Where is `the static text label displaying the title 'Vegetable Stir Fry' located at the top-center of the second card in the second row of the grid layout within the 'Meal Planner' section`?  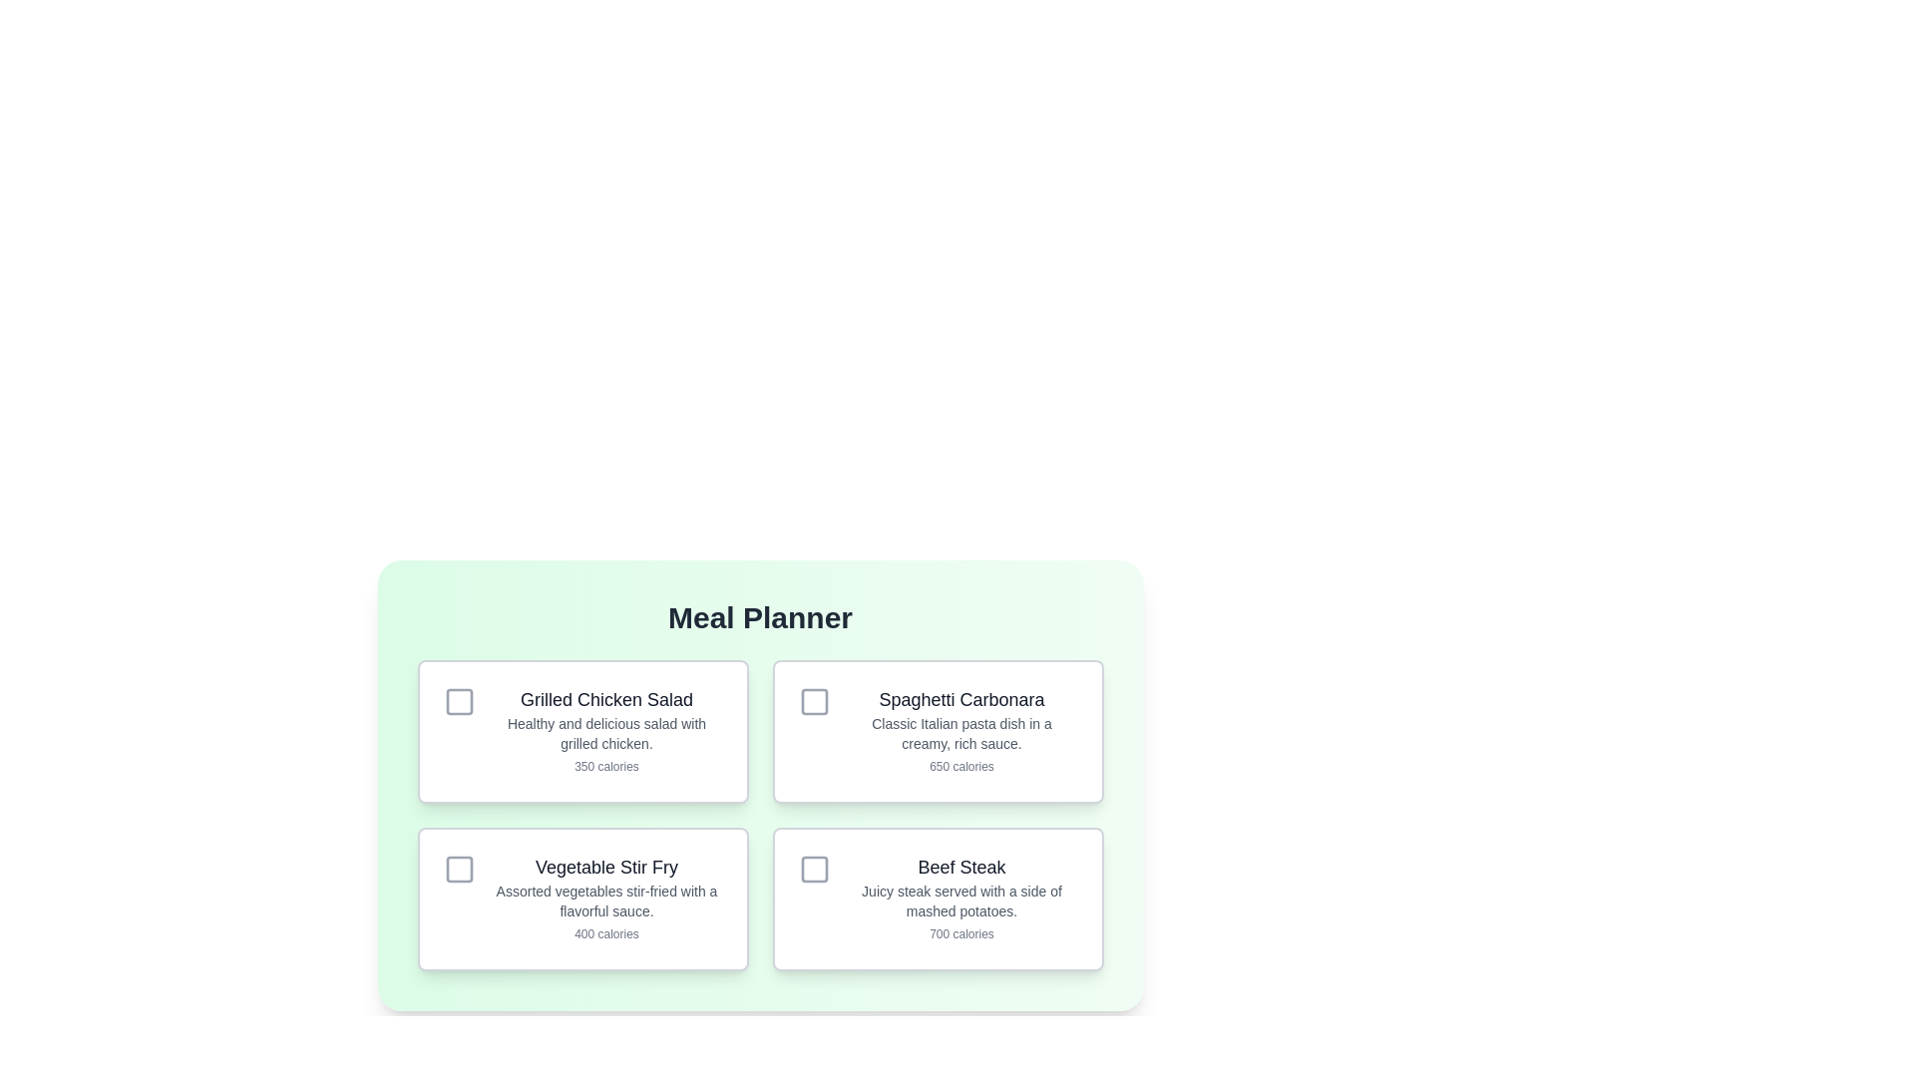
the static text label displaying the title 'Vegetable Stir Fry' located at the top-center of the second card in the second row of the grid layout within the 'Meal Planner' section is located at coordinates (605, 867).